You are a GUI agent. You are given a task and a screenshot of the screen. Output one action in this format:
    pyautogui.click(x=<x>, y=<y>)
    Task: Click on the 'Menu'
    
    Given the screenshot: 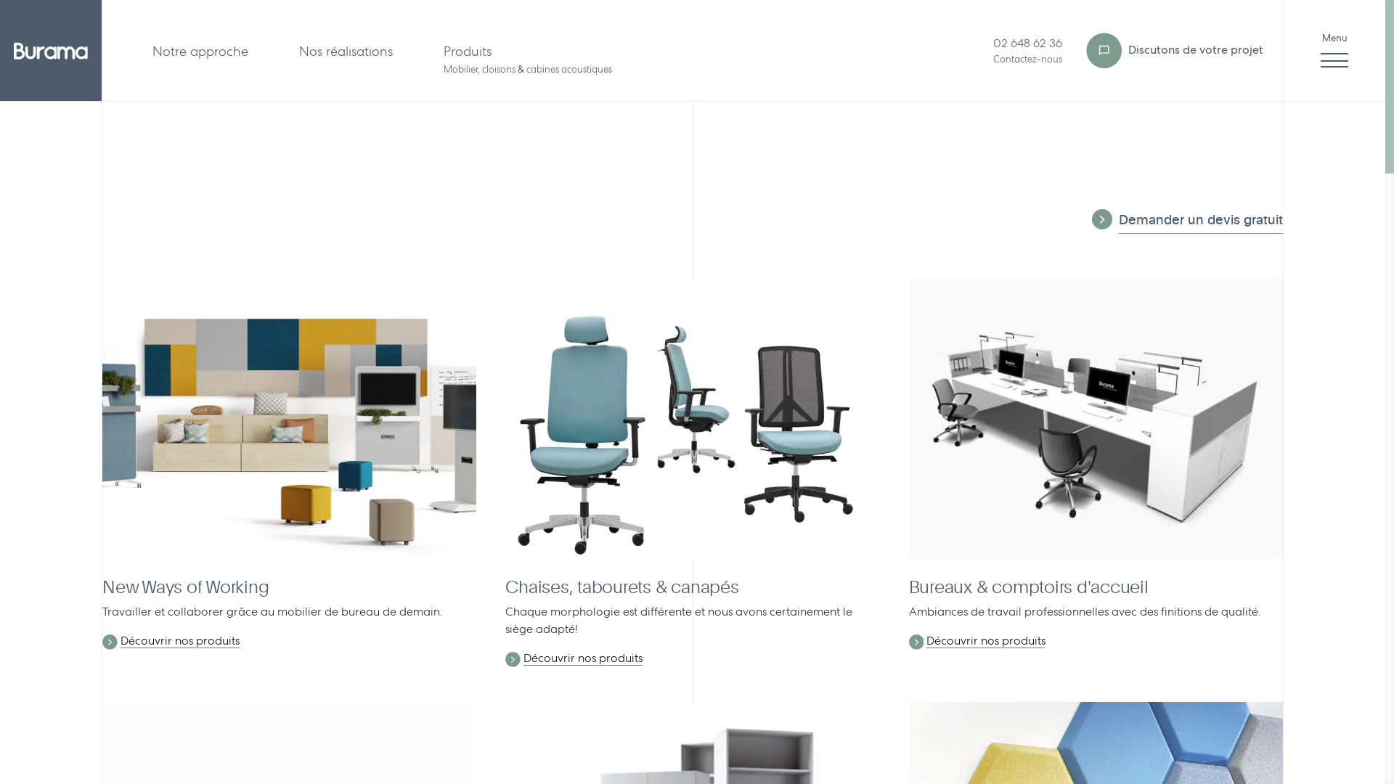 What is the action you would take?
    pyautogui.click(x=1334, y=49)
    